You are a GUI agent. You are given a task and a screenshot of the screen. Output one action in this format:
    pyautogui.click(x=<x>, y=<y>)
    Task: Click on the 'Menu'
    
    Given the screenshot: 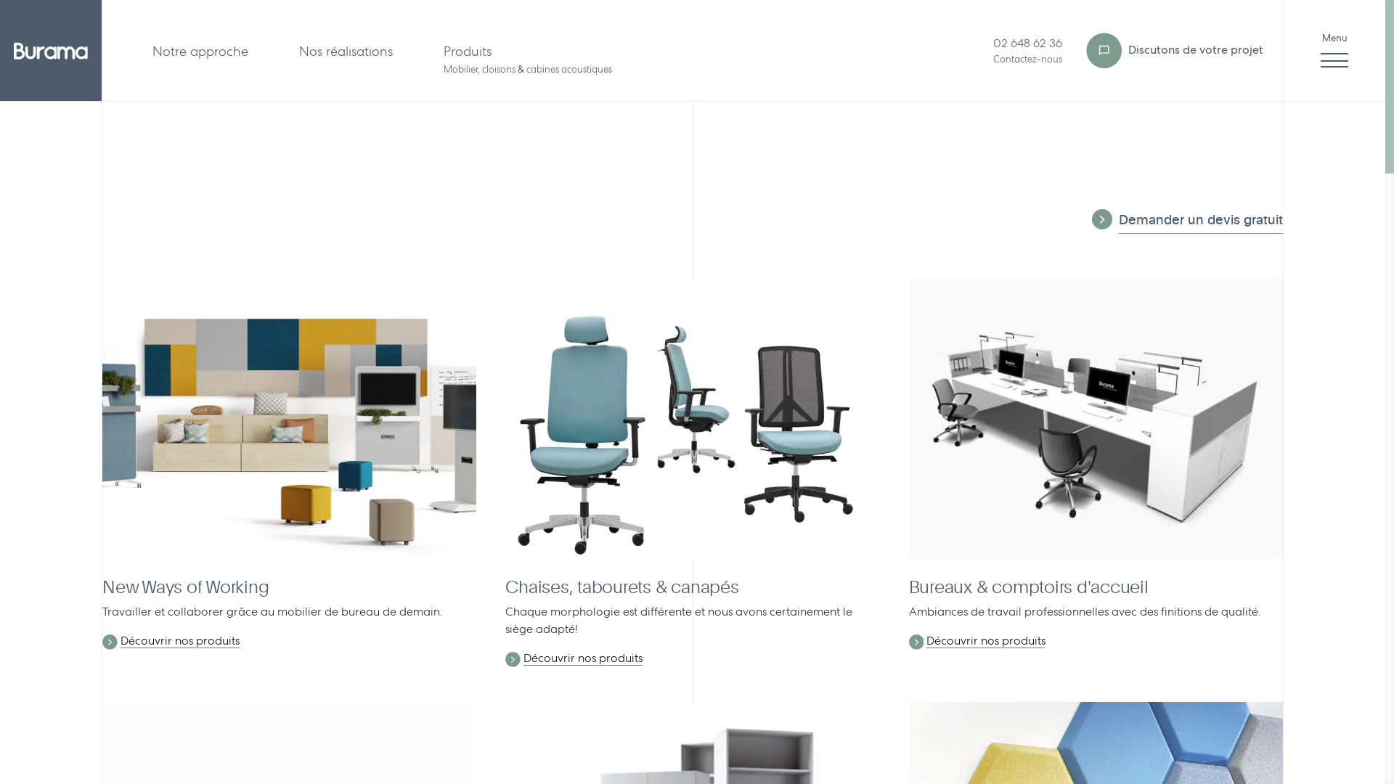 What is the action you would take?
    pyautogui.click(x=1334, y=49)
    